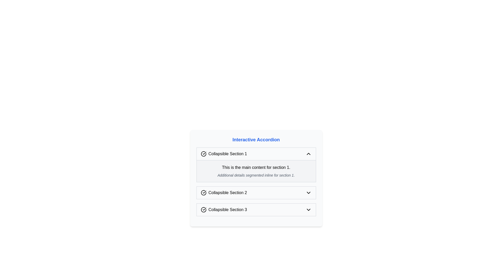 The width and height of the screenshot is (495, 278). Describe the element at coordinates (203, 193) in the screenshot. I see `the checkmark icon in the header of 'Collapsible Section 2' by moving the cursor to its center point` at that location.